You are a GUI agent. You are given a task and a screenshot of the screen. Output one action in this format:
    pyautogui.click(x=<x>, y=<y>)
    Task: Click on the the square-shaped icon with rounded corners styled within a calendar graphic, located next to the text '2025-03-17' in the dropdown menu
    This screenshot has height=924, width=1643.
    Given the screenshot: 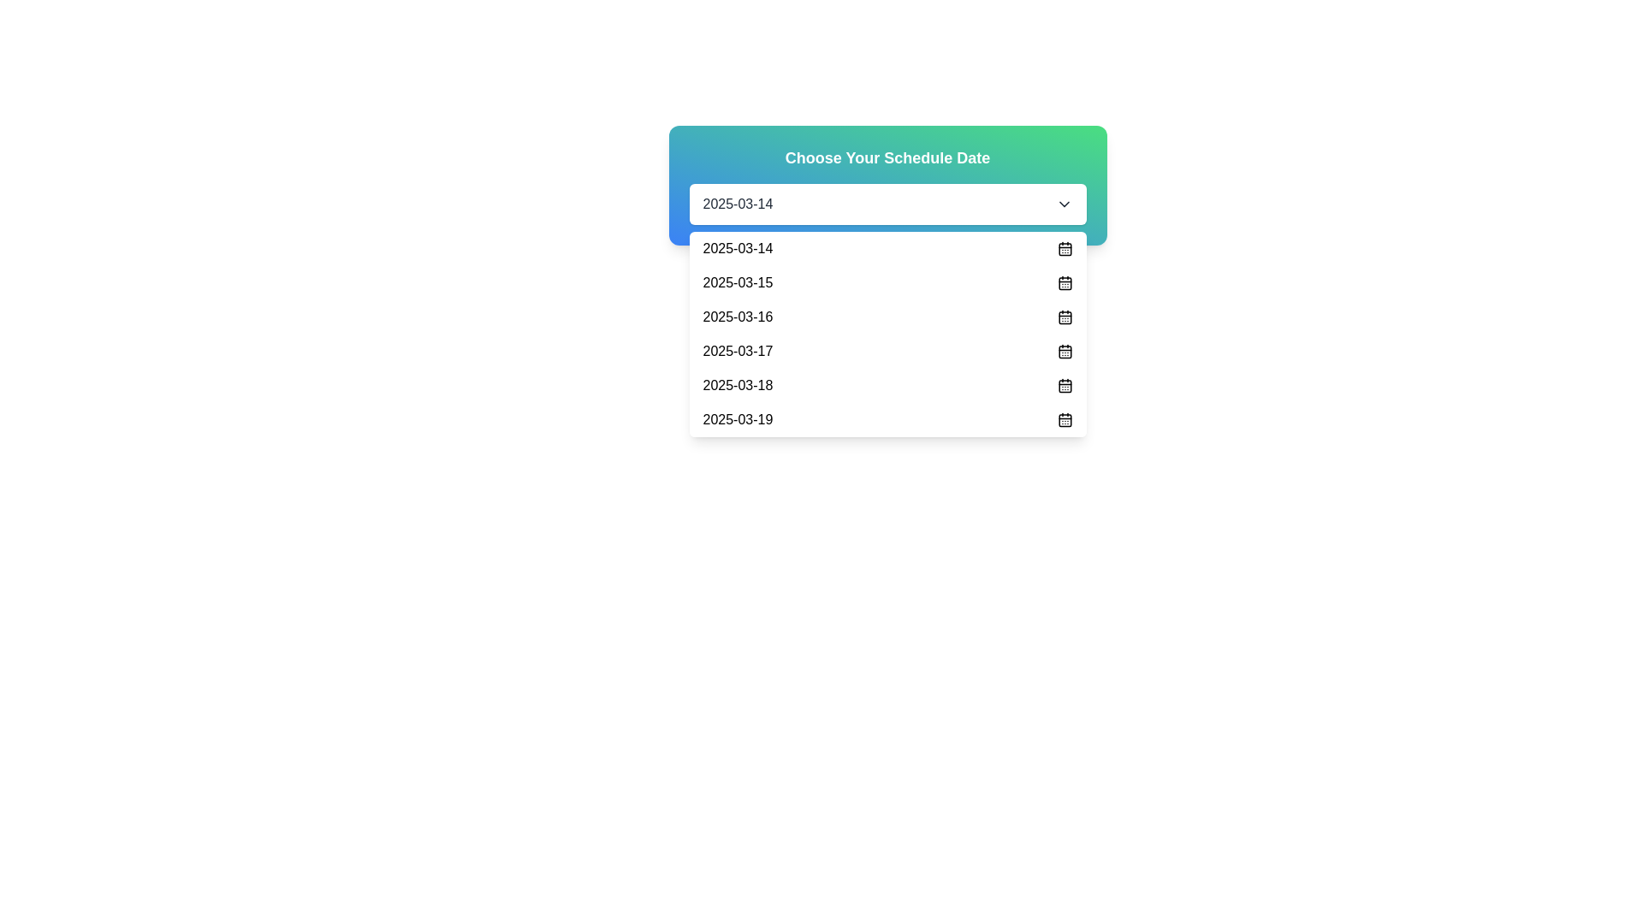 What is the action you would take?
    pyautogui.click(x=1064, y=351)
    